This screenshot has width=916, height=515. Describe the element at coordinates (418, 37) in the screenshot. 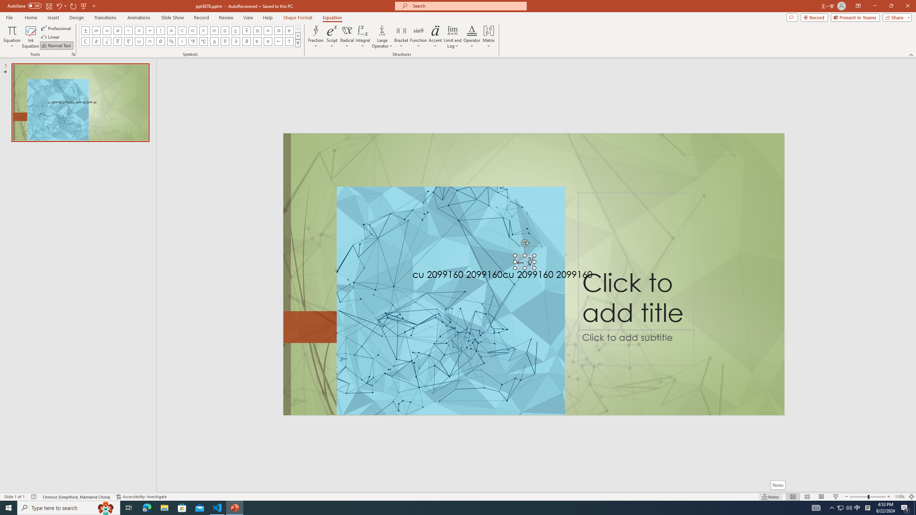

I see `'Function'` at that location.